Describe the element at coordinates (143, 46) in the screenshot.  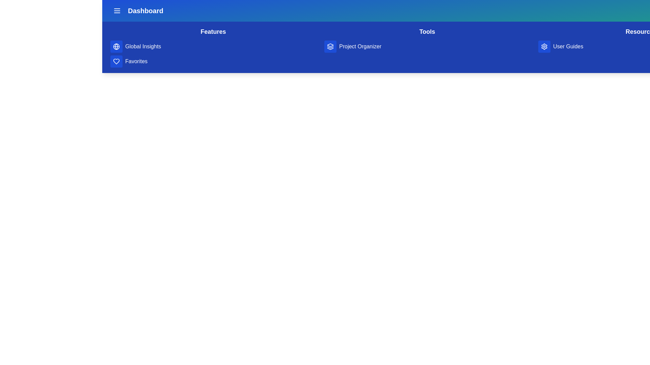
I see `the navigation label for 'Global Insights' located in the navigation bar, positioned to the right of a globe icon and above 'Favorites'` at that location.